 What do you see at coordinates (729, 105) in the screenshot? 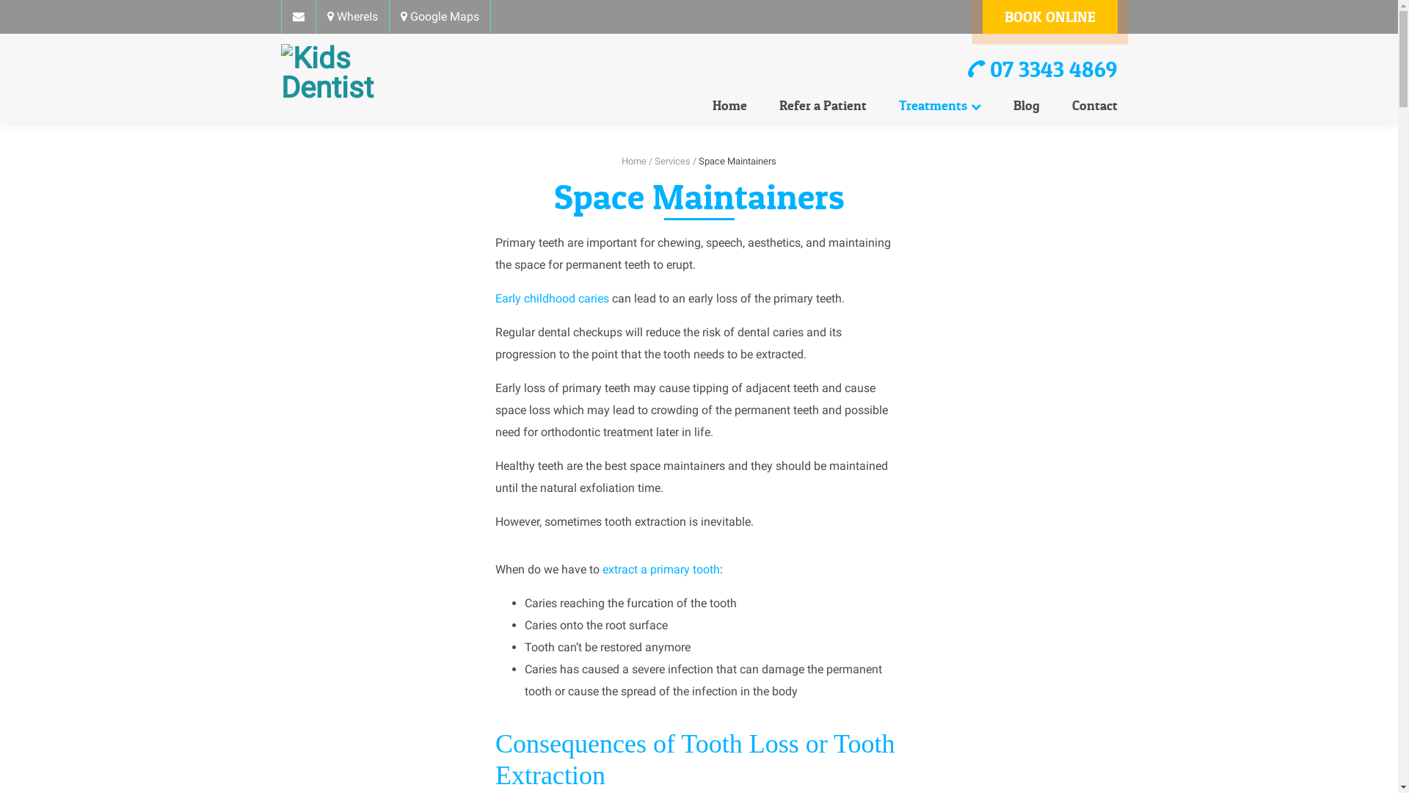
I see `'Home'` at bounding box center [729, 105].